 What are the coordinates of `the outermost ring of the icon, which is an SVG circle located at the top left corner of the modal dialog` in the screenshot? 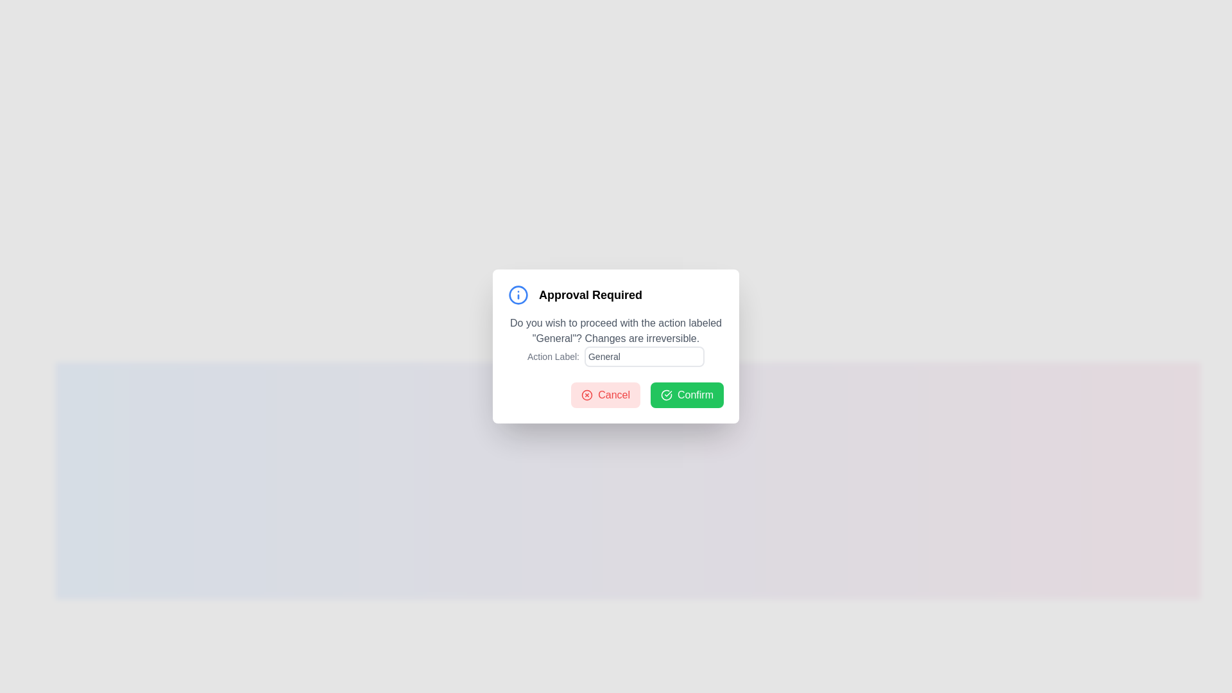 It's located at (518, 295).